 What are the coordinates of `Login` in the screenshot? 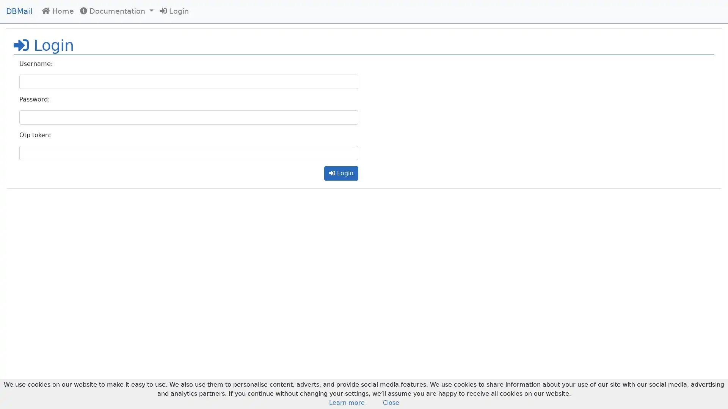 It's located at (341, 173).